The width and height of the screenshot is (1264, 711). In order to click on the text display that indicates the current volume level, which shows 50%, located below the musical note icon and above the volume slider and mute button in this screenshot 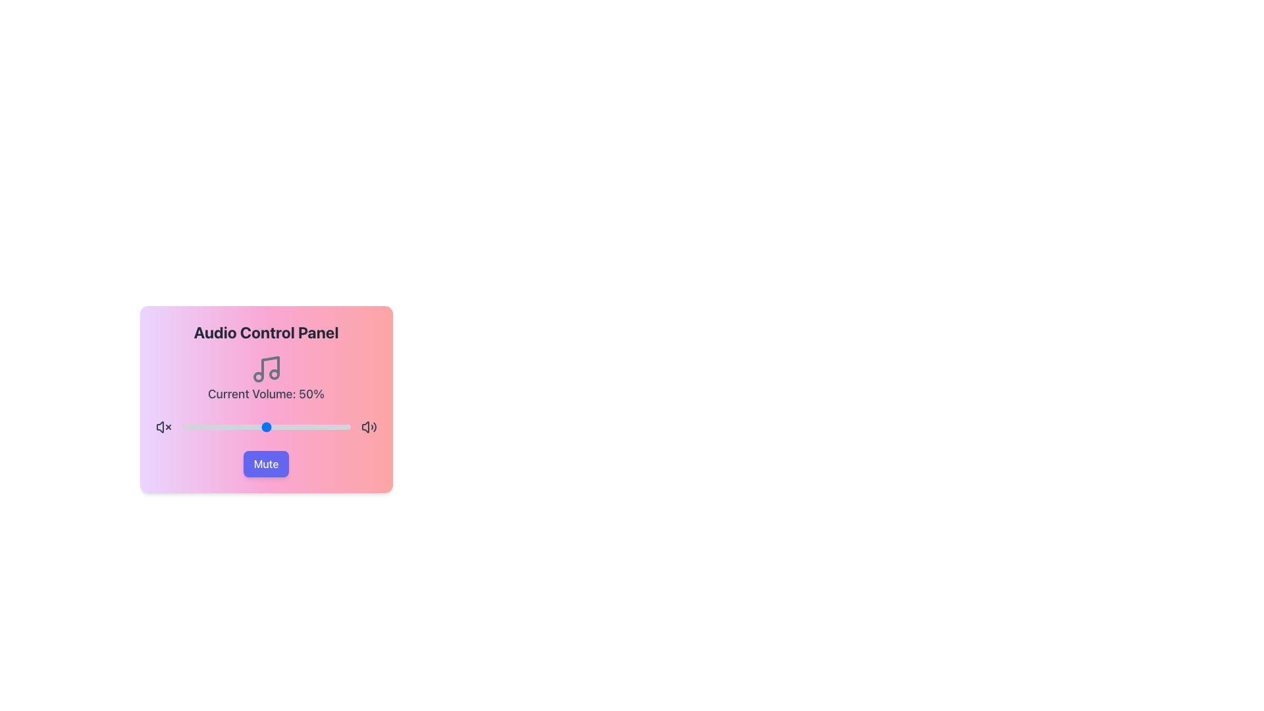, I will do `click(265, 393)`.